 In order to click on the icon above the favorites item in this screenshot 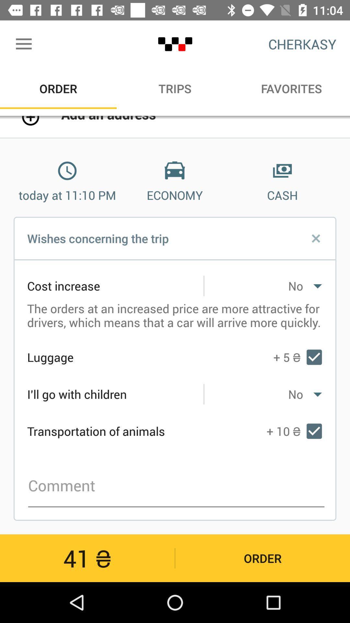, I will do `click(302, 44)`.